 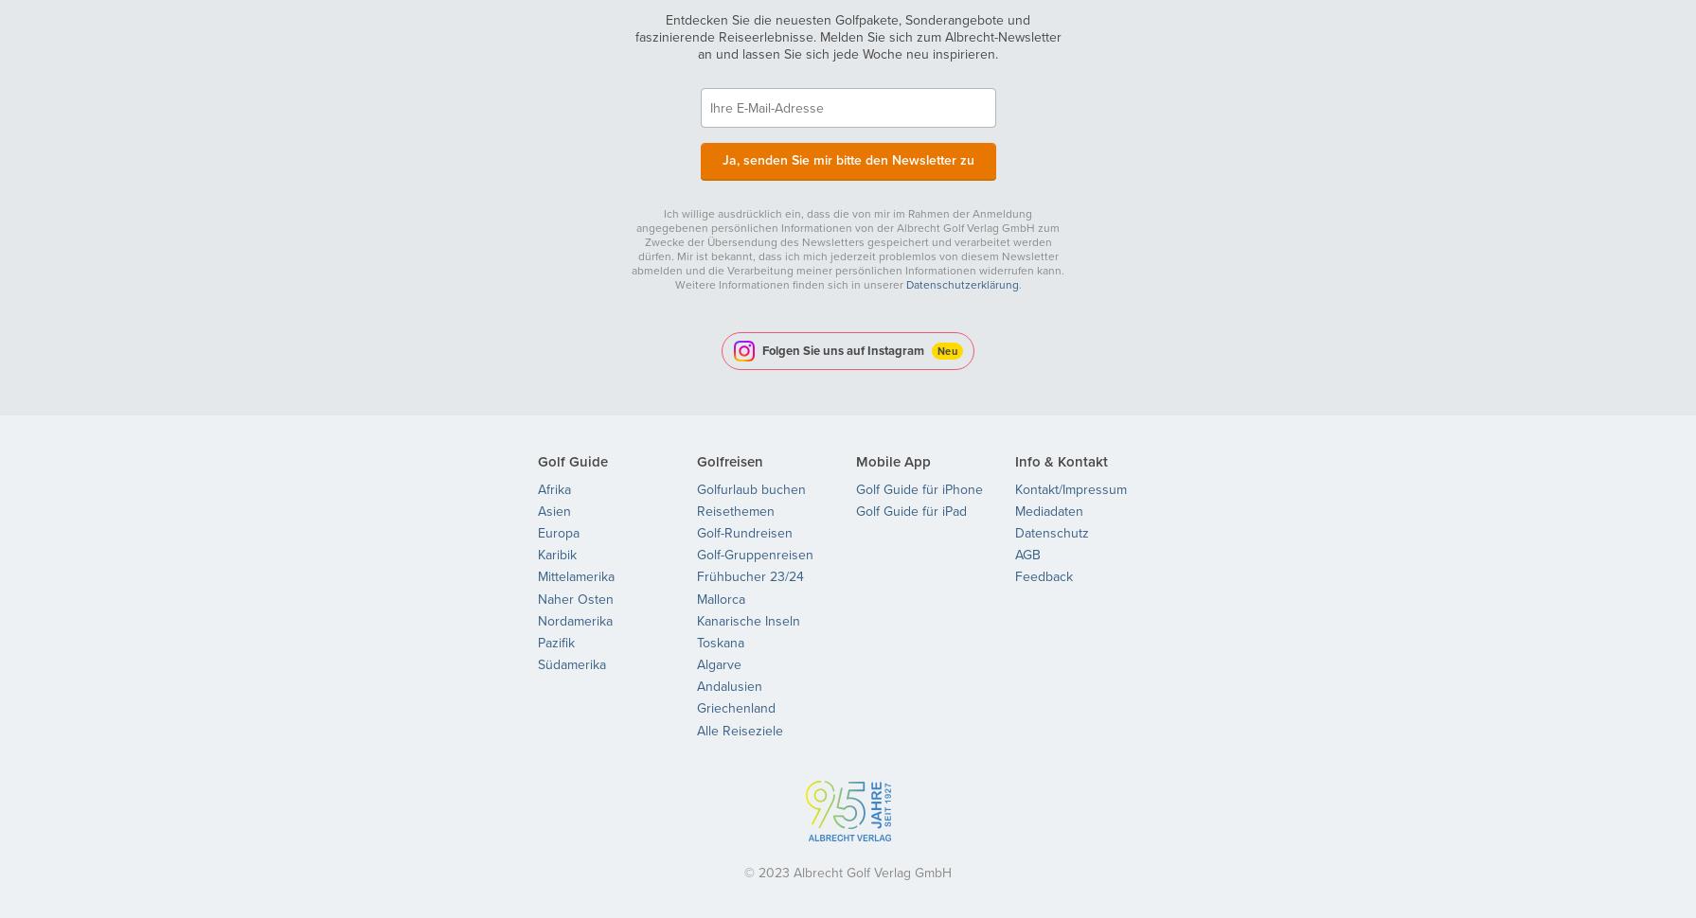 I want to click on 'Karibik', so click(x=556, y=555).